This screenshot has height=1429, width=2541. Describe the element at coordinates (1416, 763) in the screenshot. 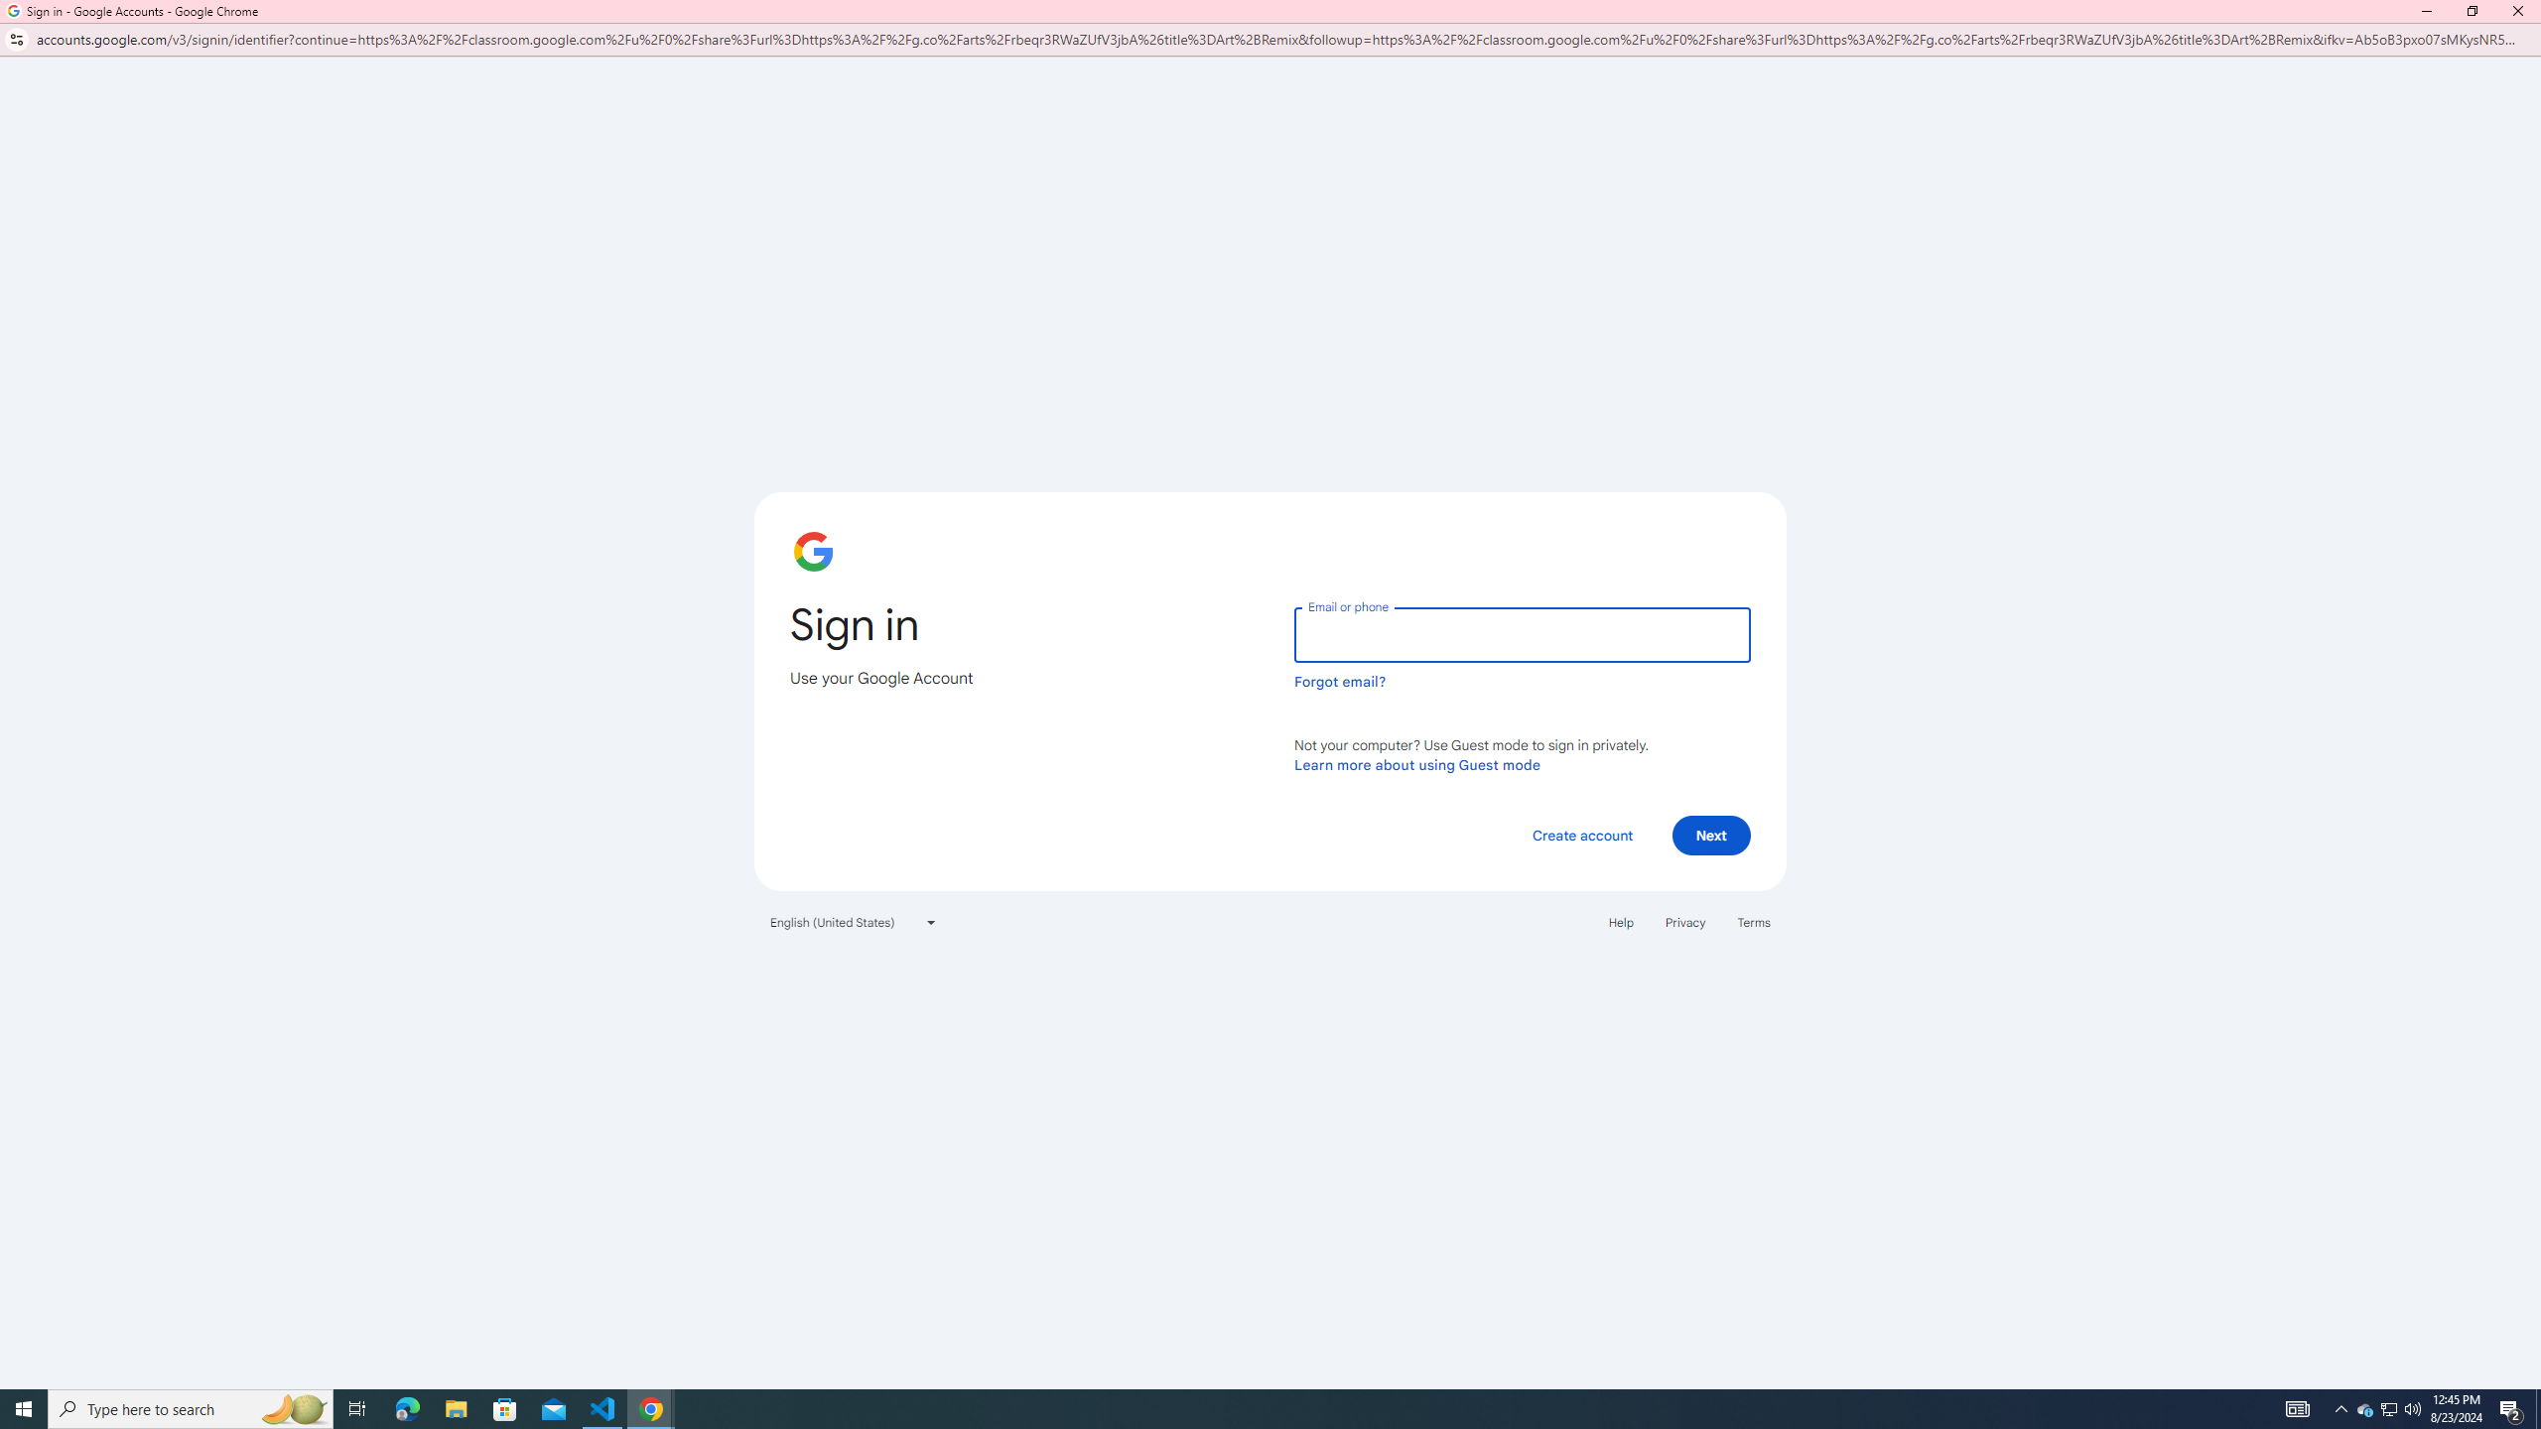

I see `'Learn more about using Guest mode'` at that location.